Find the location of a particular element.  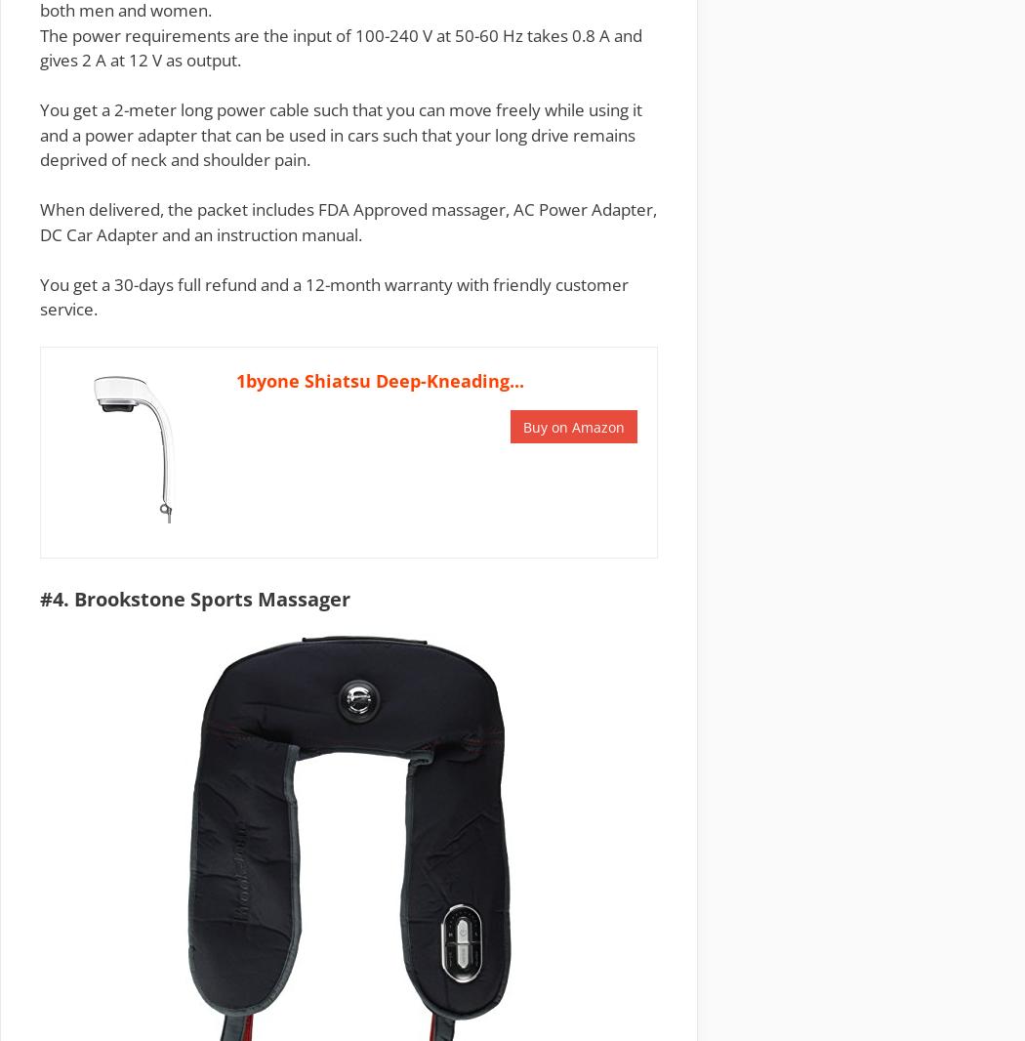

'1byone Shiatsu Deep-Kneading...' is located at coordinates (380, 381).